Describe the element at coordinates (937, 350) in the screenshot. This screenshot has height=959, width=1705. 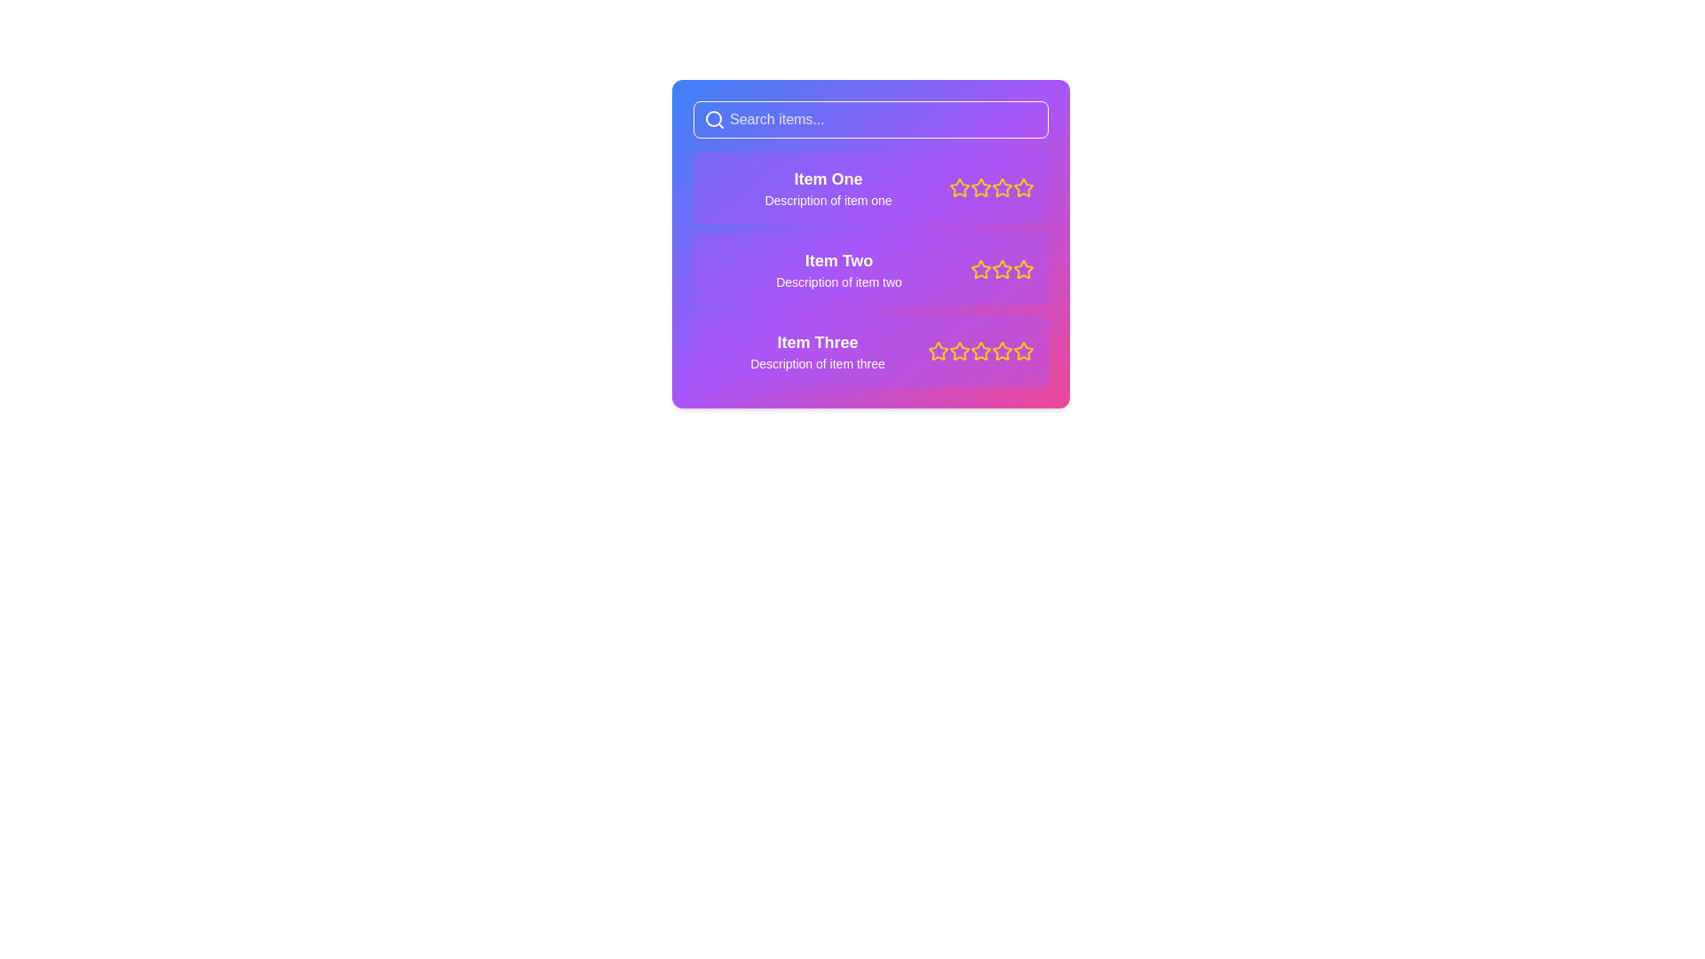
I see `the first yellow star icon in the rating row next to the 'Item Three' list item` at that location.